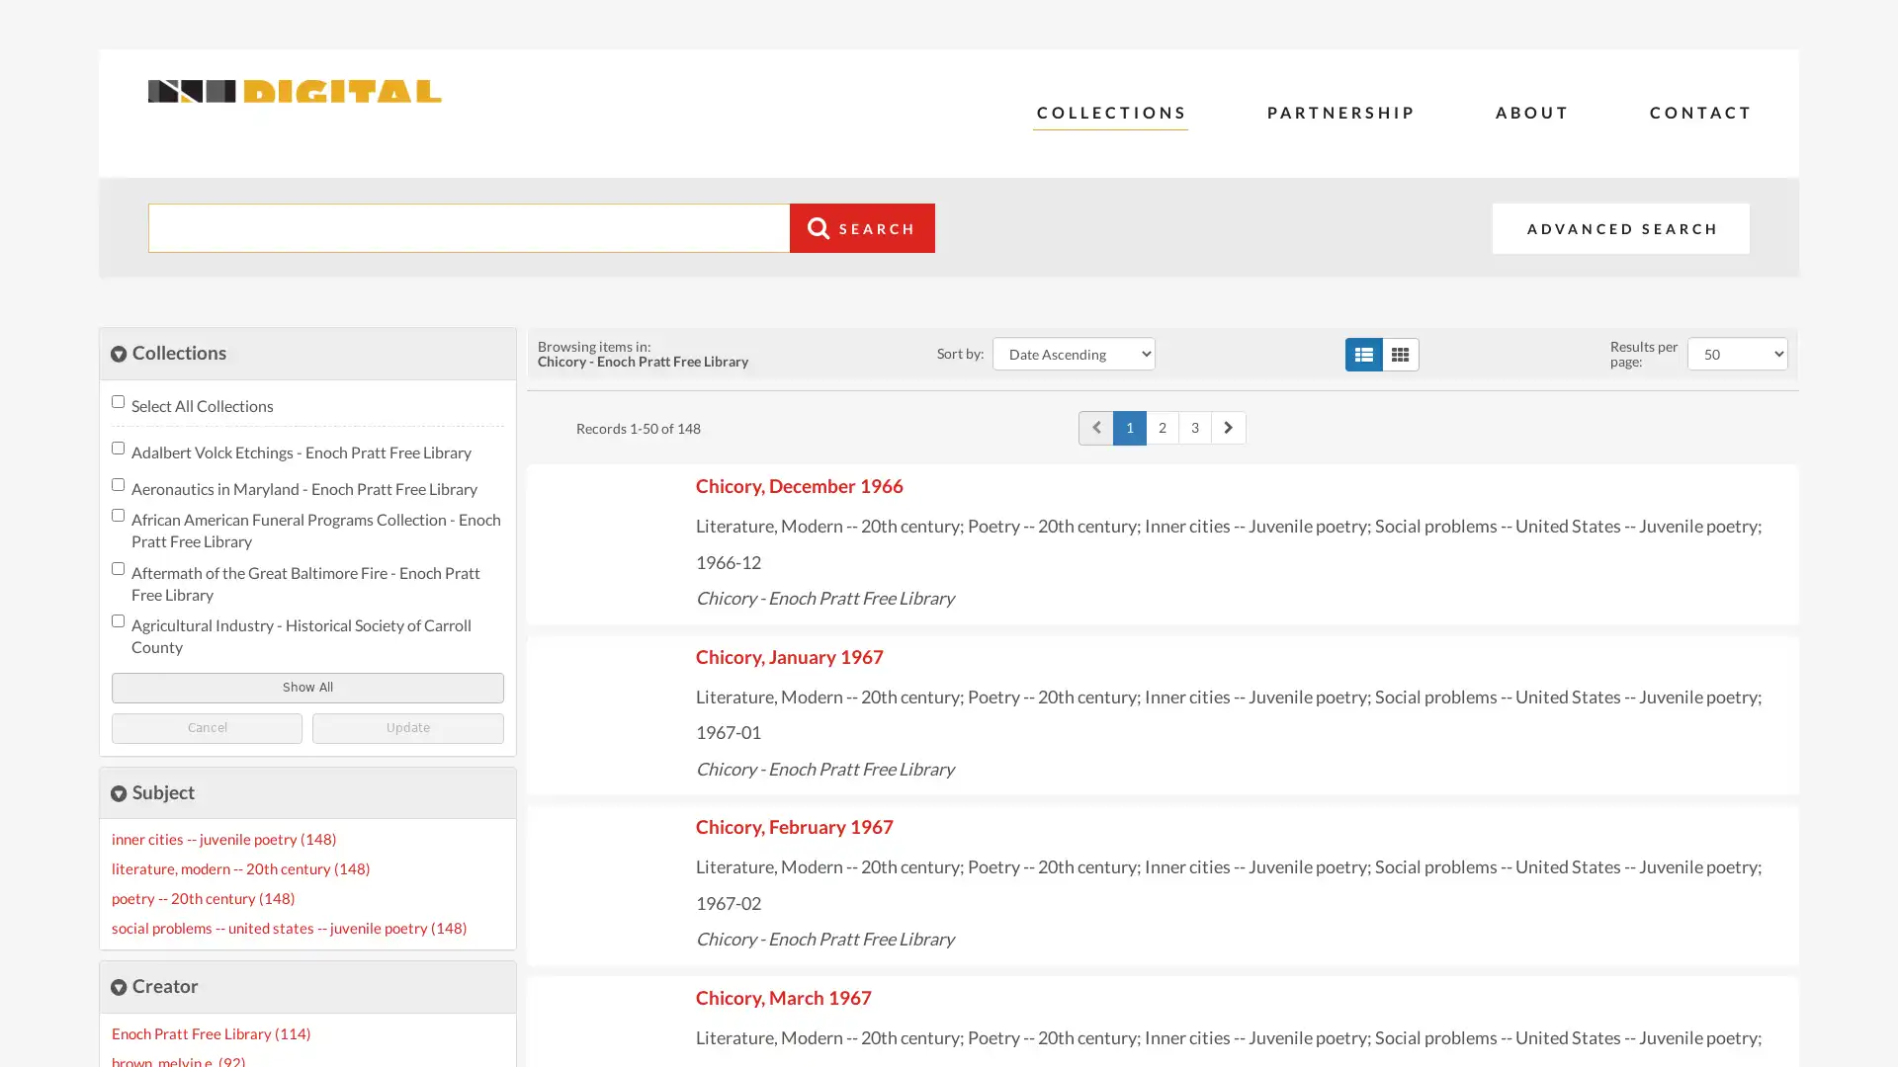  I want to click on Search, so click(862, 227).